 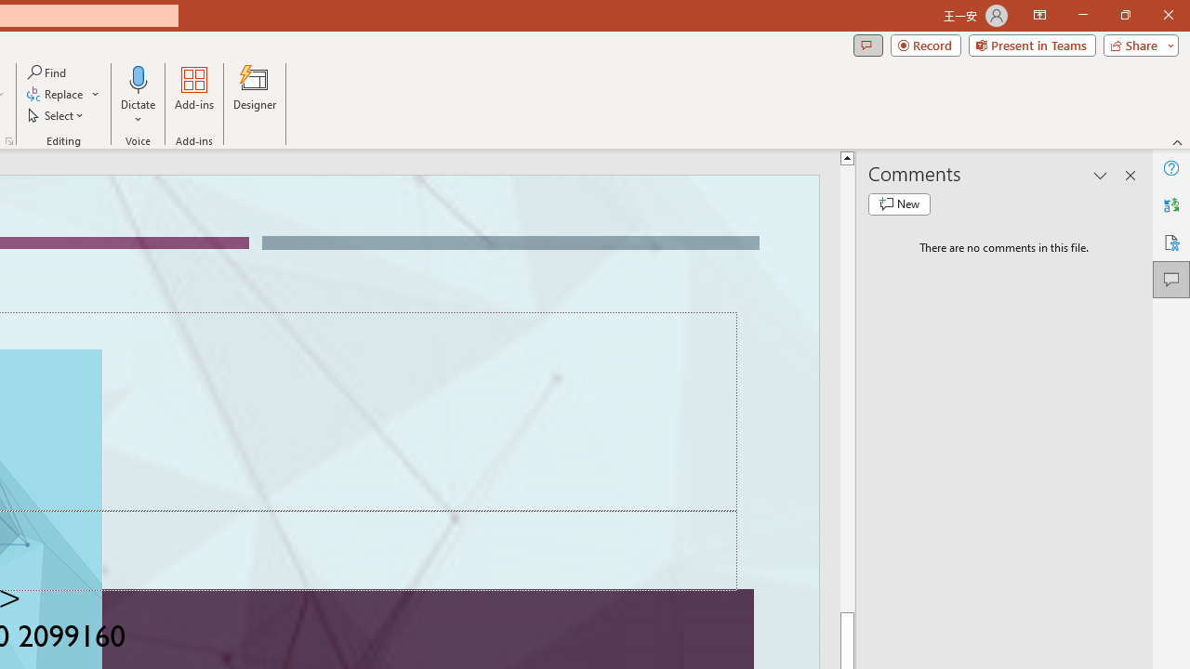 What do you see at coordinates (1101, 176) in the screenshot?
I see `'Task Pane Options'` at bounding box center [1101, 176].